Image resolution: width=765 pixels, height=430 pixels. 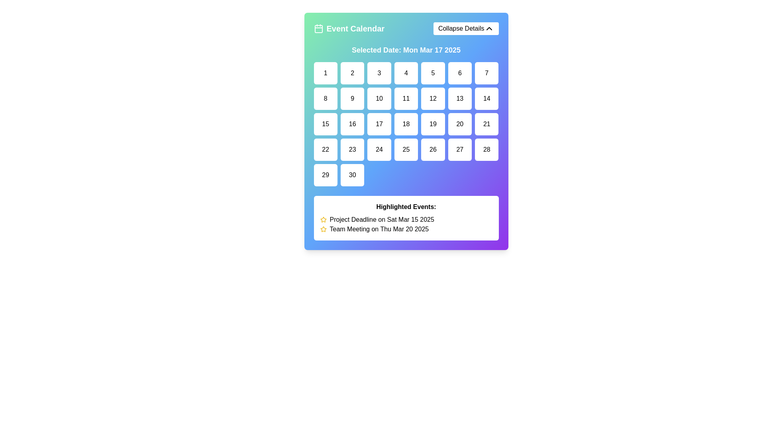 What do you see at coordinates (326, 73) in the screenshot?
I see `the first day button in the calendar interface, located at the top row and first column of the grid layout` at bounding box center [326, 73].